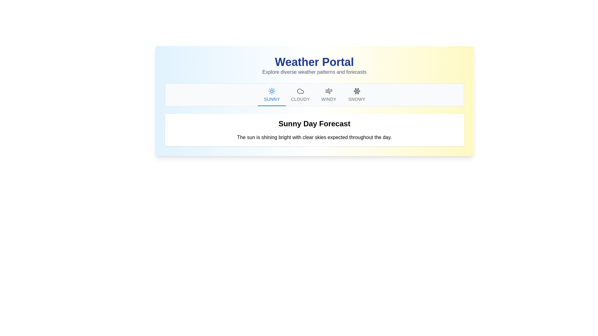 This screenshot has width=598, height=336. I want to click on the individual tab buttons in the Tabbar located centrally below the title 'Weather Portal', so click(314, 95).